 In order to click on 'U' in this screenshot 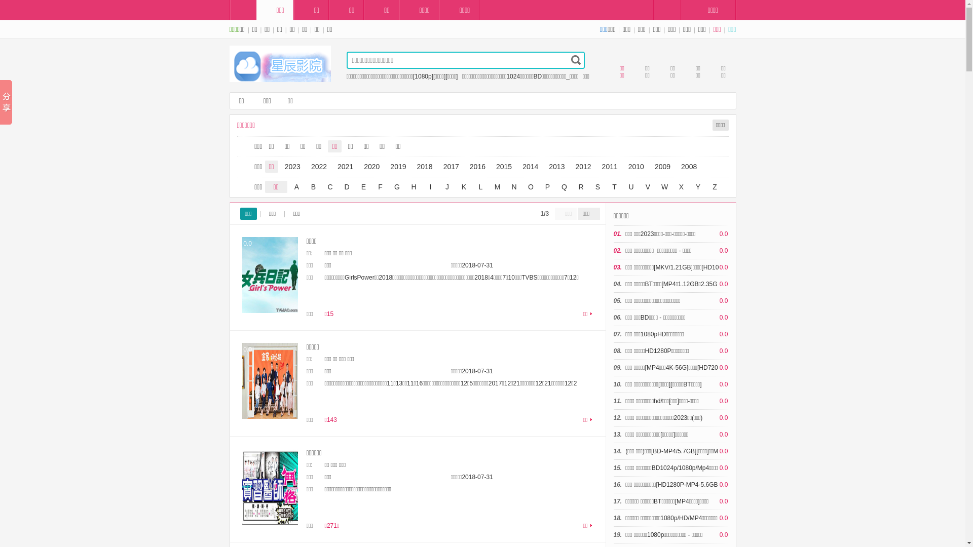, I will do `click(631, 187)`.